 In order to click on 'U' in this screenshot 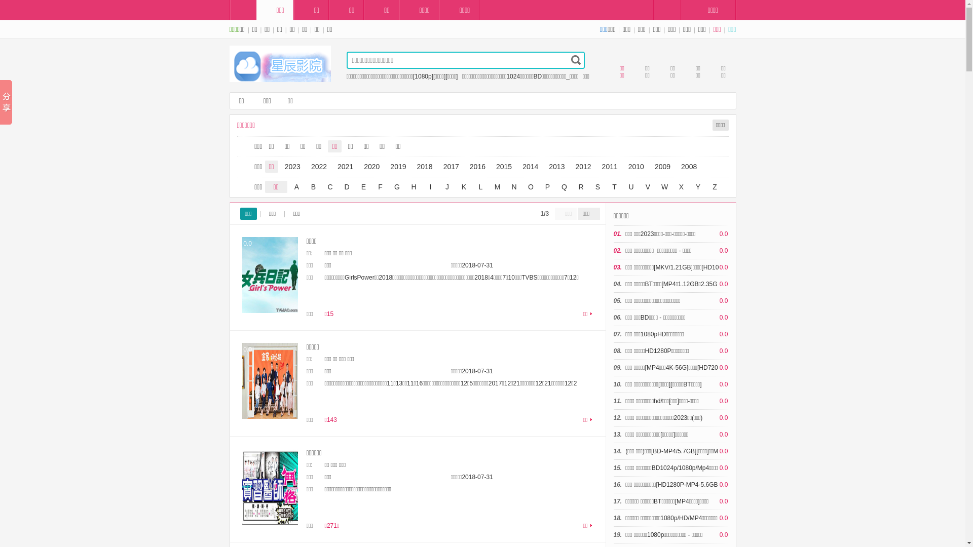, I will do `click(631, 187)`.